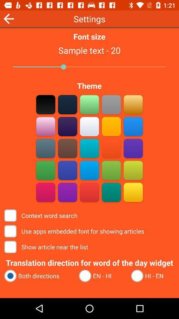 The width and height of the screenshot is (179, 319). What do you see at coordinates (41, 215) in the screenshot?
I see `the context word search item` at bounding box center [41, 215].